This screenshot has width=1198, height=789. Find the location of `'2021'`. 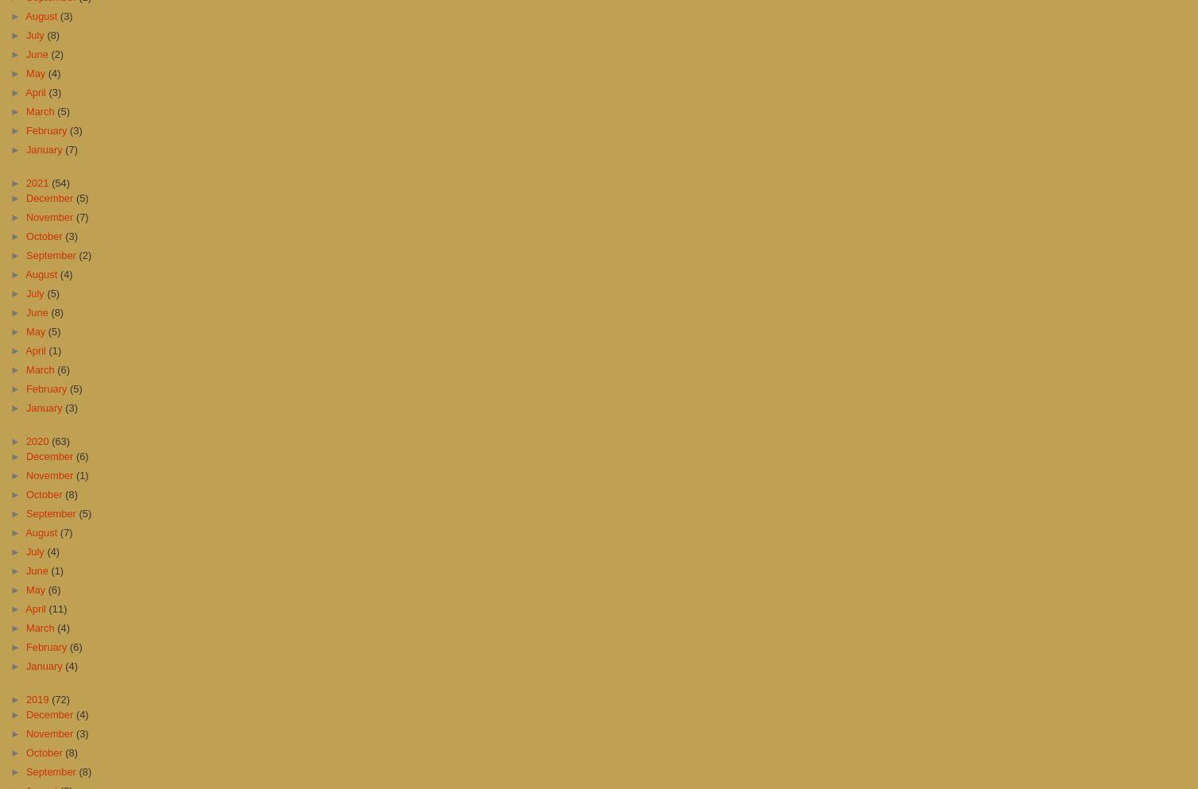

'2021' is located at coordinates (38, 182).